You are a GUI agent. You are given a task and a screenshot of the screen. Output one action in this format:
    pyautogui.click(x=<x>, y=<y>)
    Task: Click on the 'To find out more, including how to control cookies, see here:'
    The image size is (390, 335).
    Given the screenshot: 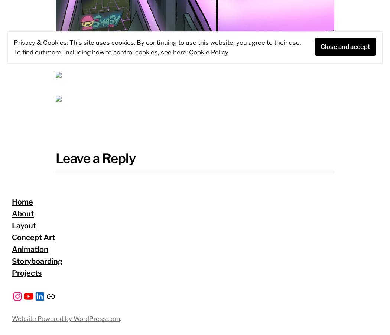 What is the action you would take?
    pyautogui.click(x=13, y=52)
    